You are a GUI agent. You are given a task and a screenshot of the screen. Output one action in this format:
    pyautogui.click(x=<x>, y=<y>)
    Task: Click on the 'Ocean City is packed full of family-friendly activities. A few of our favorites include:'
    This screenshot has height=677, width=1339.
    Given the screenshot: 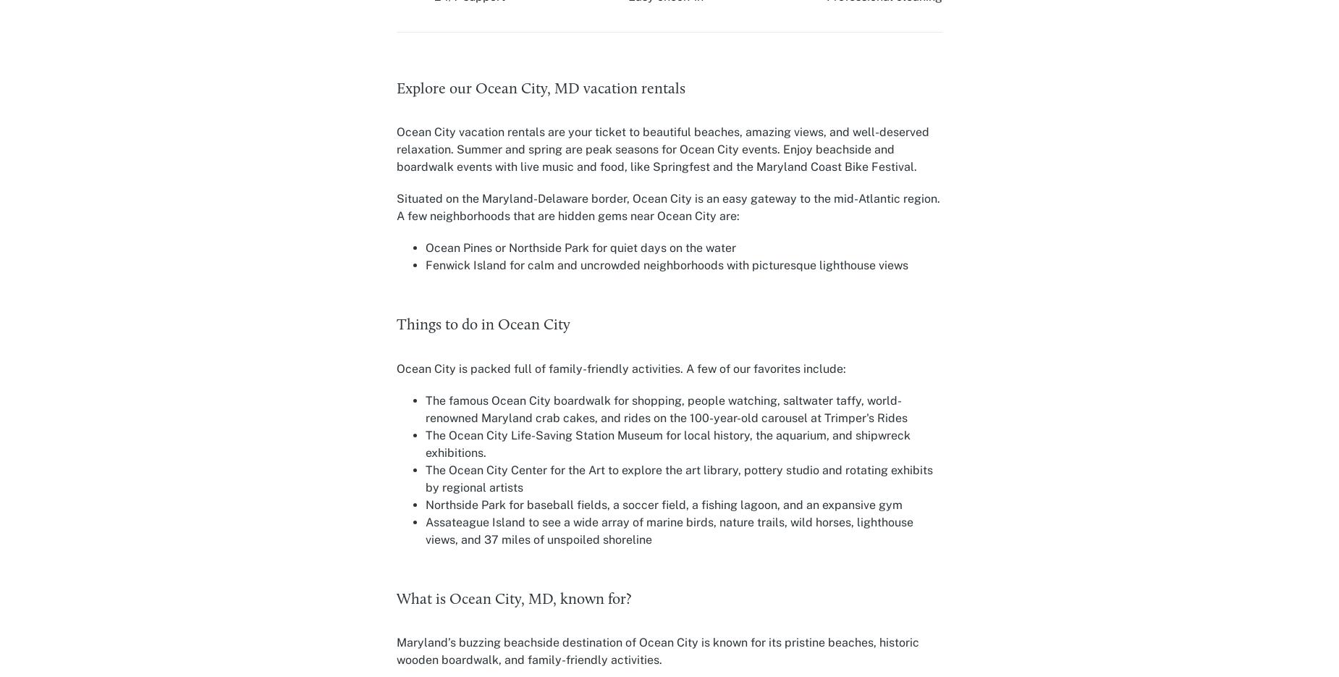 What is the action you would take?
    pyautogui.click(x=621, y=368)
    